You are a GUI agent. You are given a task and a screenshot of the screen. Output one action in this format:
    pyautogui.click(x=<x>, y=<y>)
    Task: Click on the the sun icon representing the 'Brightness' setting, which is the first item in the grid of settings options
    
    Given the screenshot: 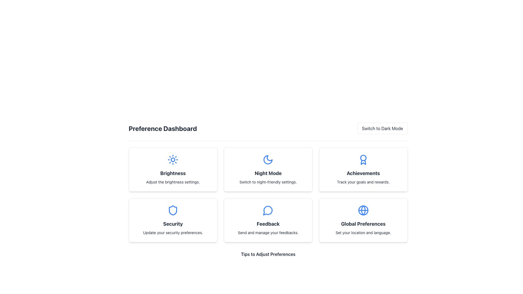 What is the action you would take?
    pyautogui.click(x=173, y=159)
    